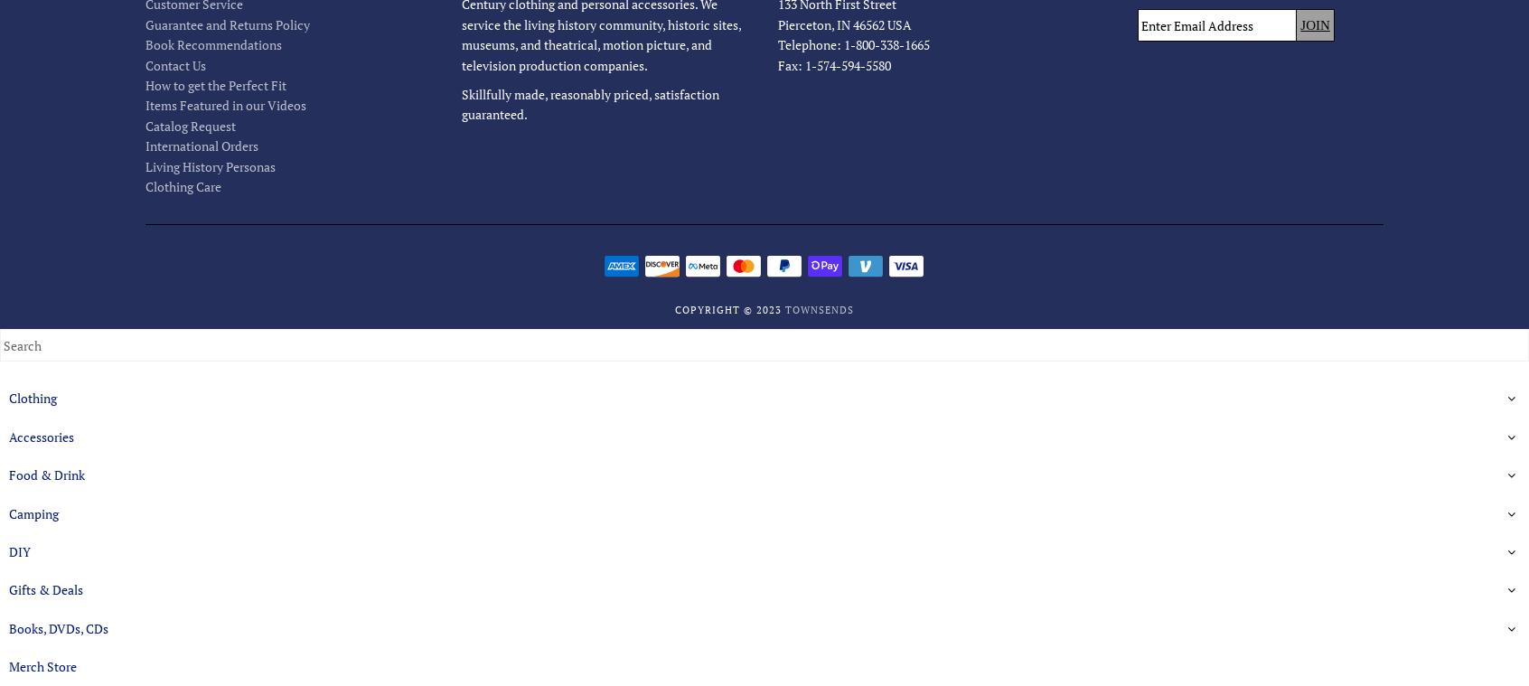  What do you see at coordinates (589, 103) in the screenshot?
I see `'Skillfully made, reasonably priced, satisfaction guaranteed.'` at bounding box center [589, 103].